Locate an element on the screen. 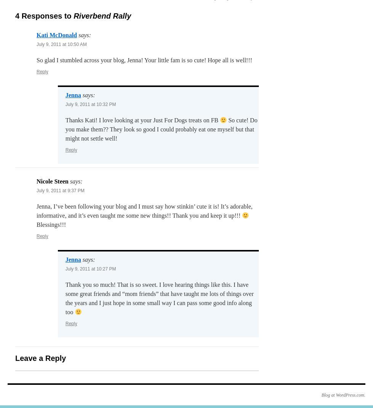 This screenshot has height=408, width=373. 'Kati McDonald' is located at coordinates (56, 35).